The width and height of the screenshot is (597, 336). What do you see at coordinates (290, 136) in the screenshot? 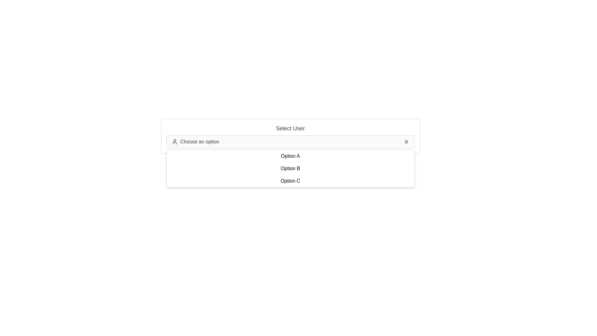
I see `the dropdown menu labeled 'Select User'` at bounding box center [290, 136].